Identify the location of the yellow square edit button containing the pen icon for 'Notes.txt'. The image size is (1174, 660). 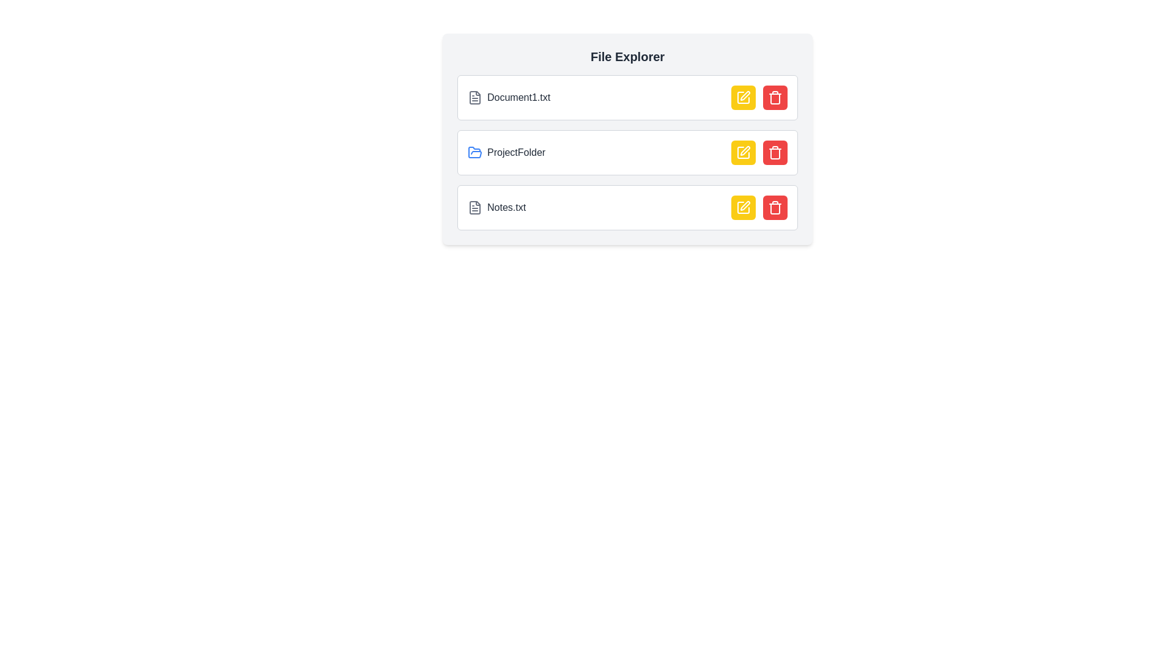
(742, 207).